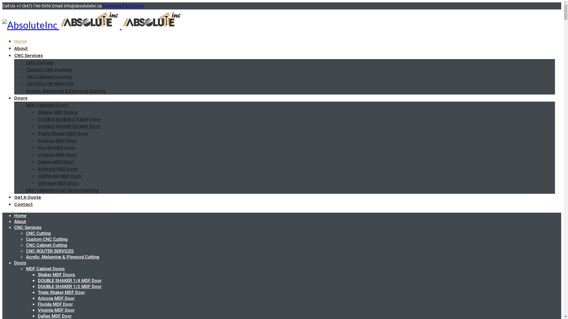  I want to click on 'Florida MDF Door', so click(57, 147).